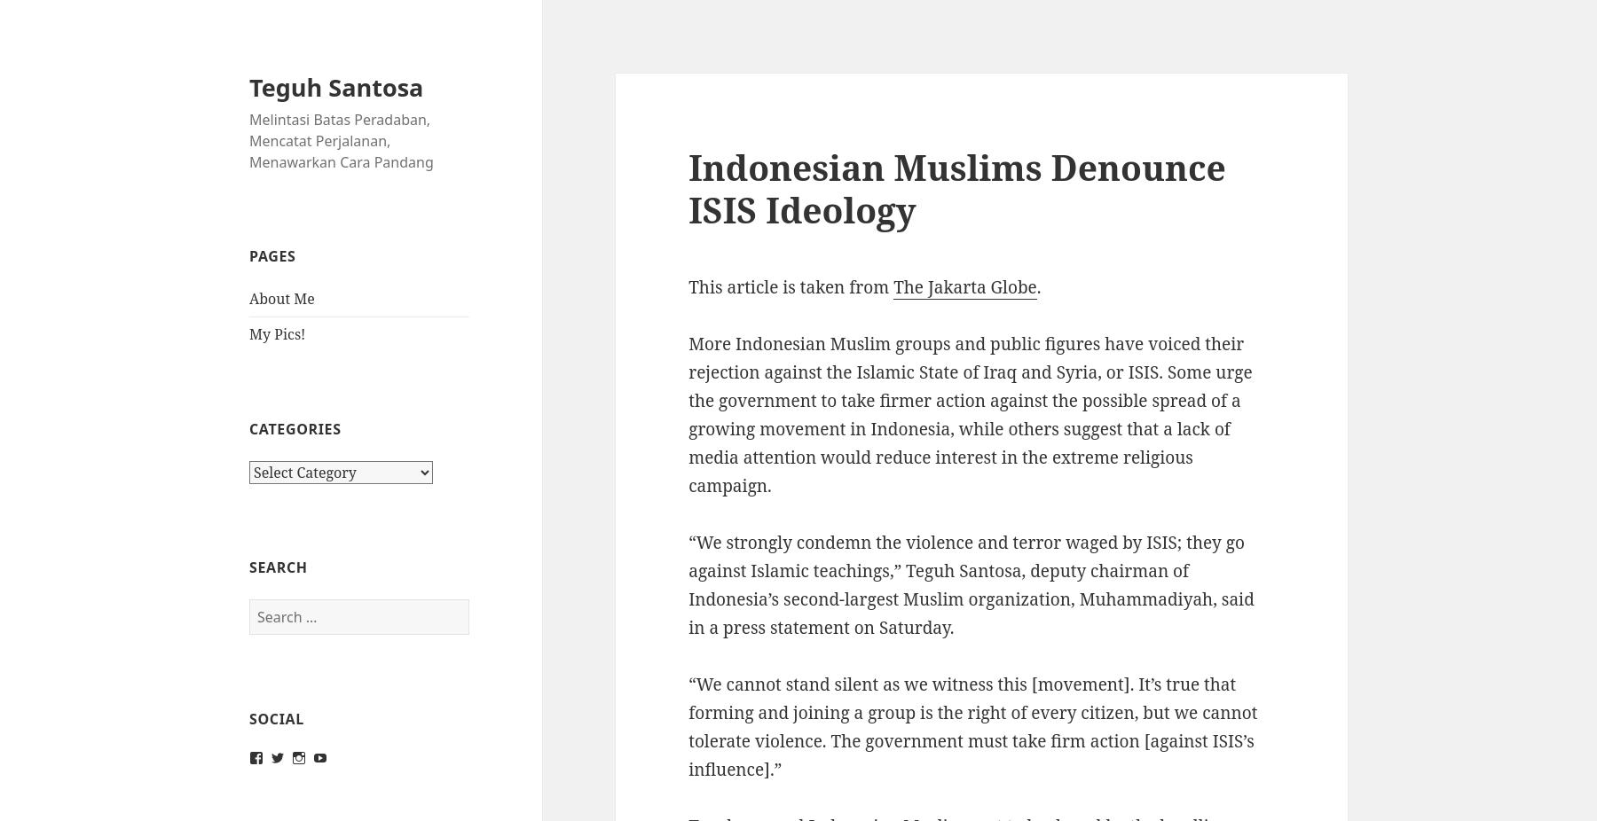 This screenshot has height=821, width=1597. Describe the element at coordinates (277, 566) in the screenshot. I see `'Search'` at that location.